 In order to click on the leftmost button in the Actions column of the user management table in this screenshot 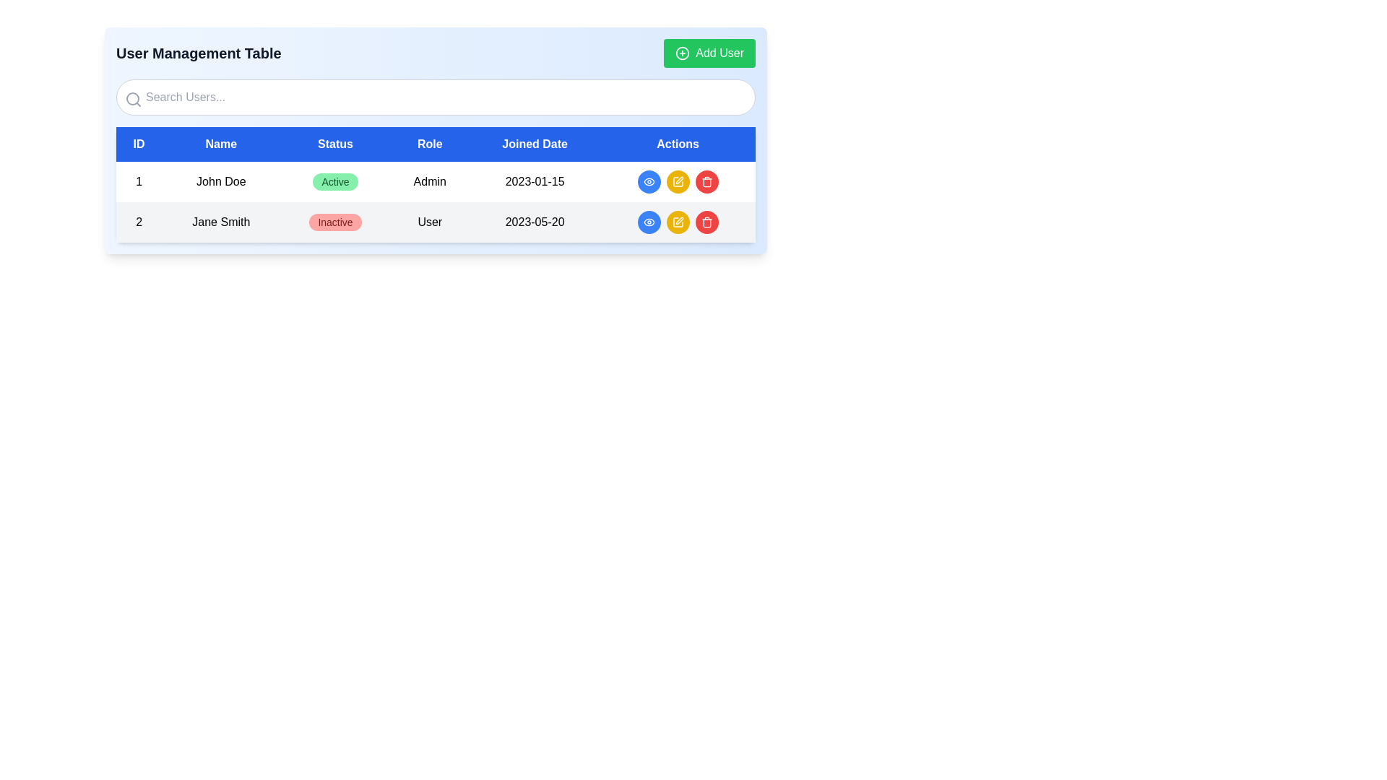, I will do `click(648, 181)`.